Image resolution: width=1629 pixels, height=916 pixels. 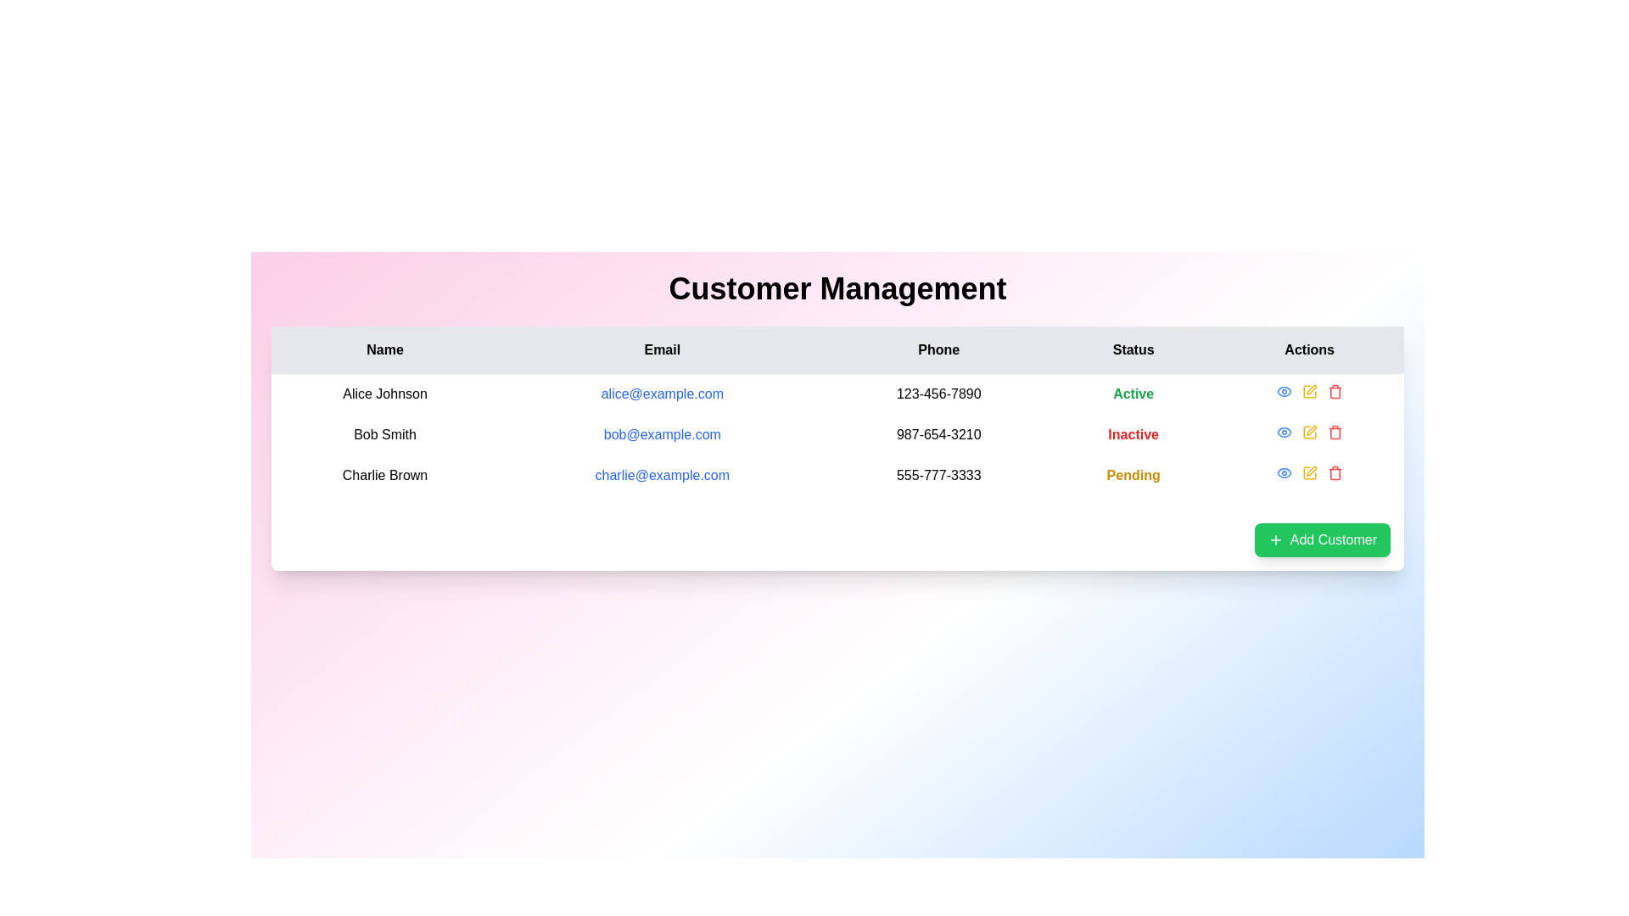 What do you see at coordinates (1134, 434) in the screenshot?
I see `the static text label displaying 'Inactive' in red bold font, located in the fourth column of the second row in a user details table` at bounding box center [1134, 434].